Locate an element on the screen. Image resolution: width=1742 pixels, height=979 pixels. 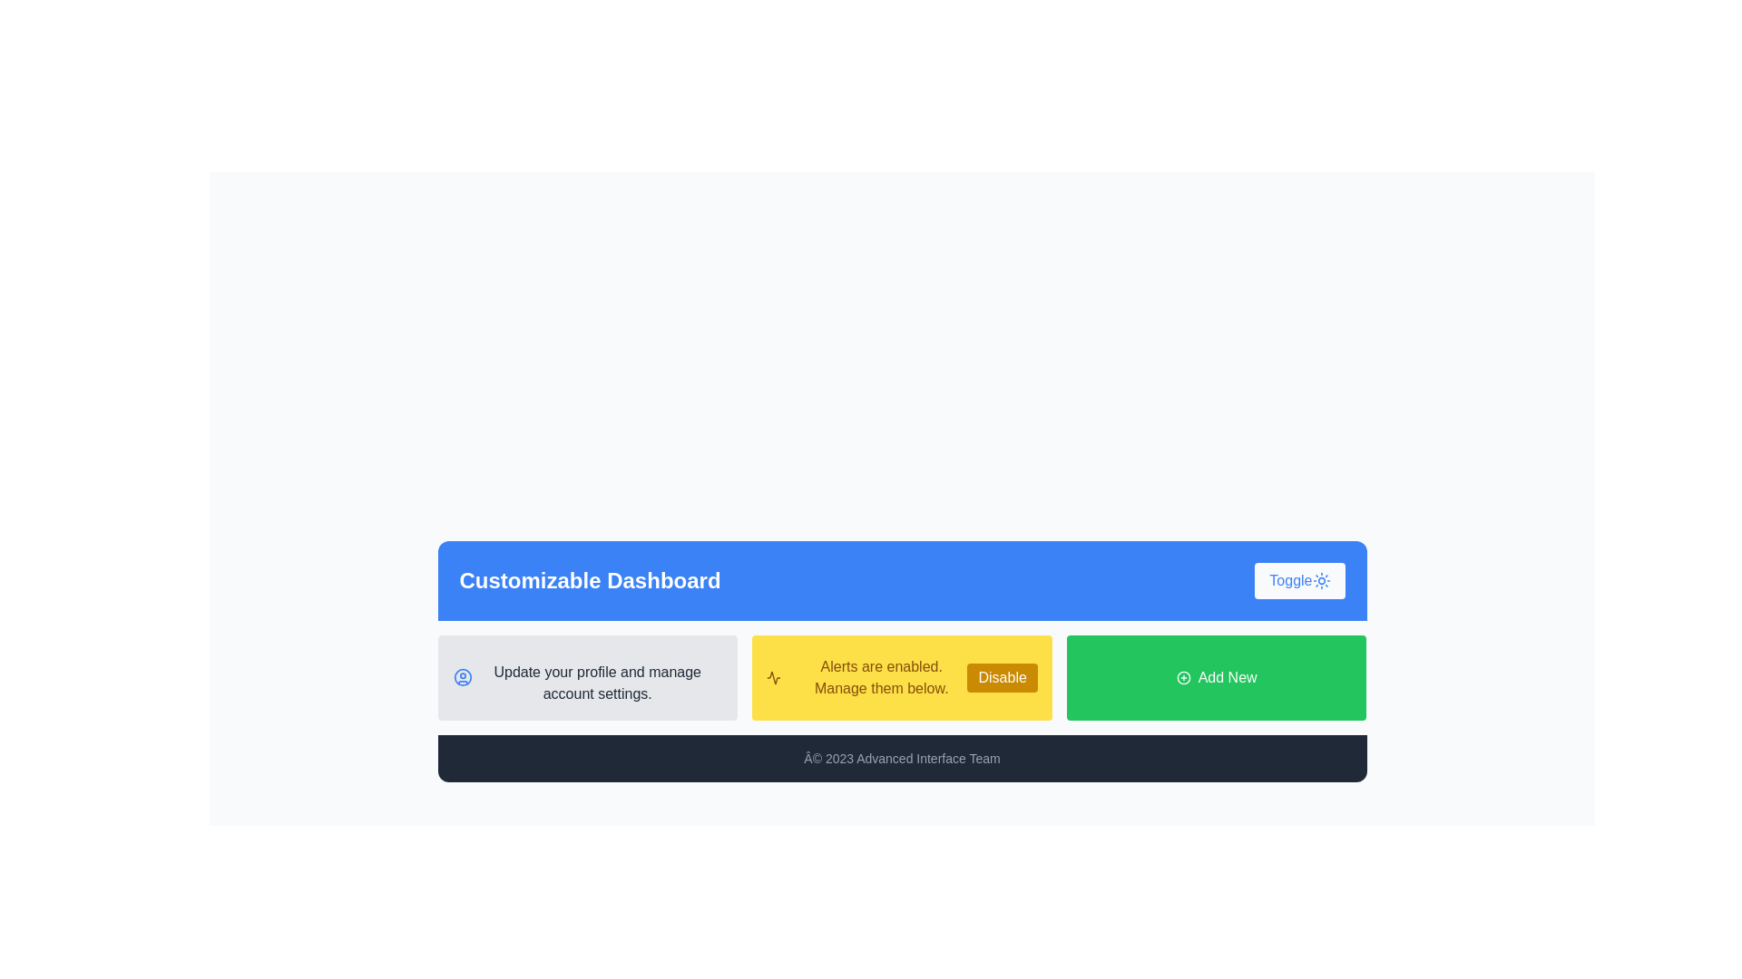
the toggle button located to the right of the 'Customizable Dashboard' title is located at coordinates (1298, 580).